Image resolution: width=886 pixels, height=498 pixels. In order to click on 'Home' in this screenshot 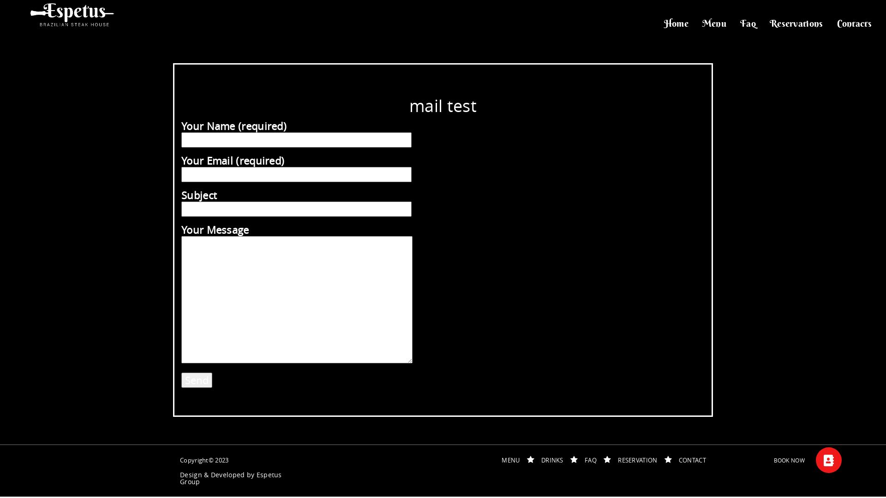, I will do `click(676, 23)`.